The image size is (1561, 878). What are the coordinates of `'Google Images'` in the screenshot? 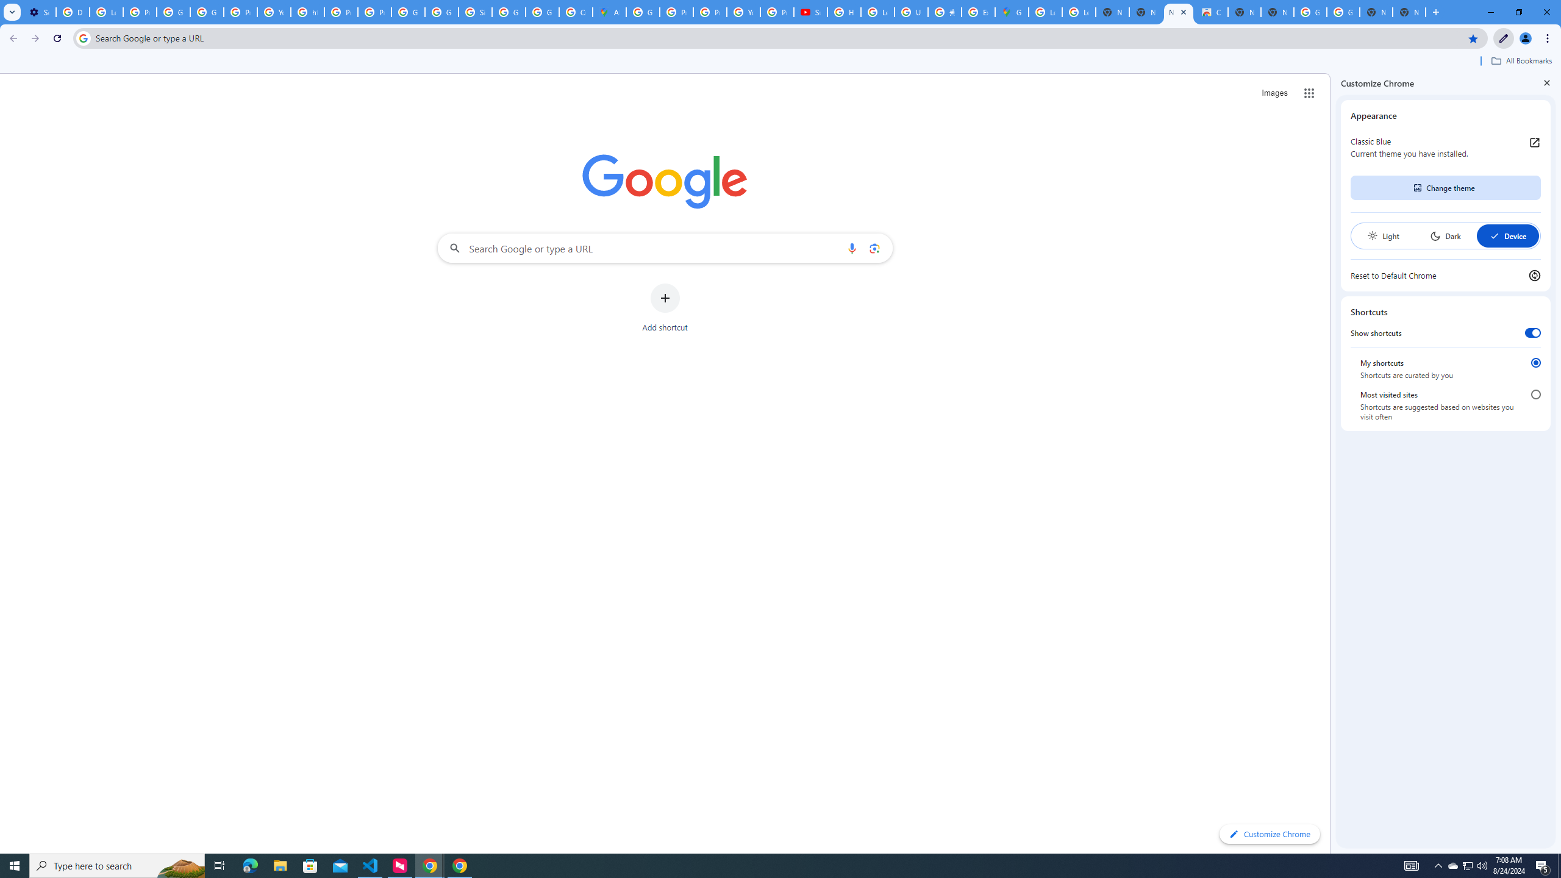 It's located at (1310, 12).